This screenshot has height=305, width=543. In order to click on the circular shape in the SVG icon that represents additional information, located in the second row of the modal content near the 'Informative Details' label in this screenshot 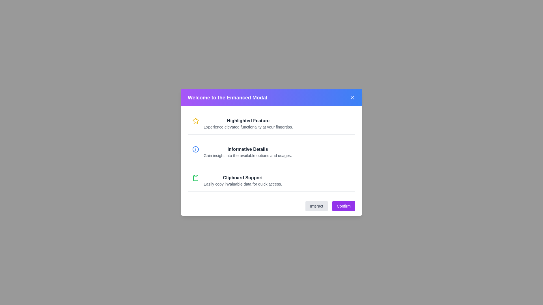, I will do `click(195, 149)`.